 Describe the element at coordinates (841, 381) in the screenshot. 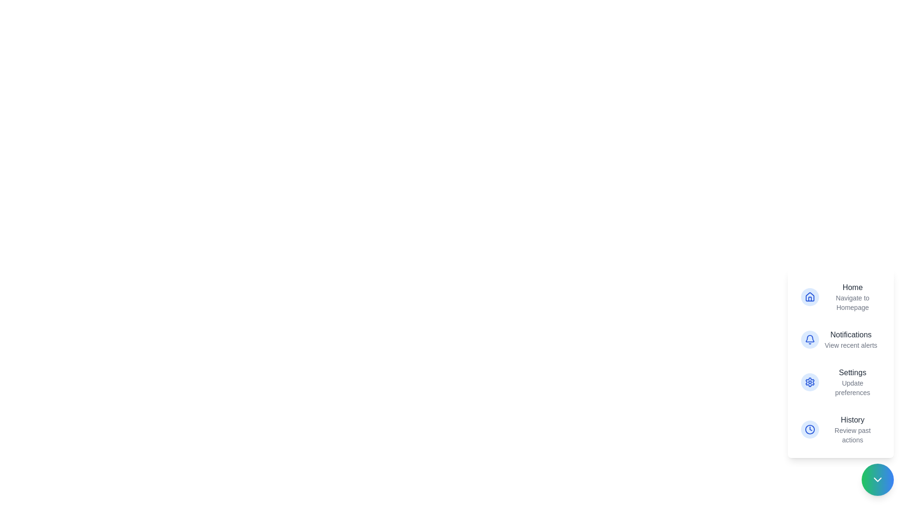

I see `the action item labeled Settings` at that location.